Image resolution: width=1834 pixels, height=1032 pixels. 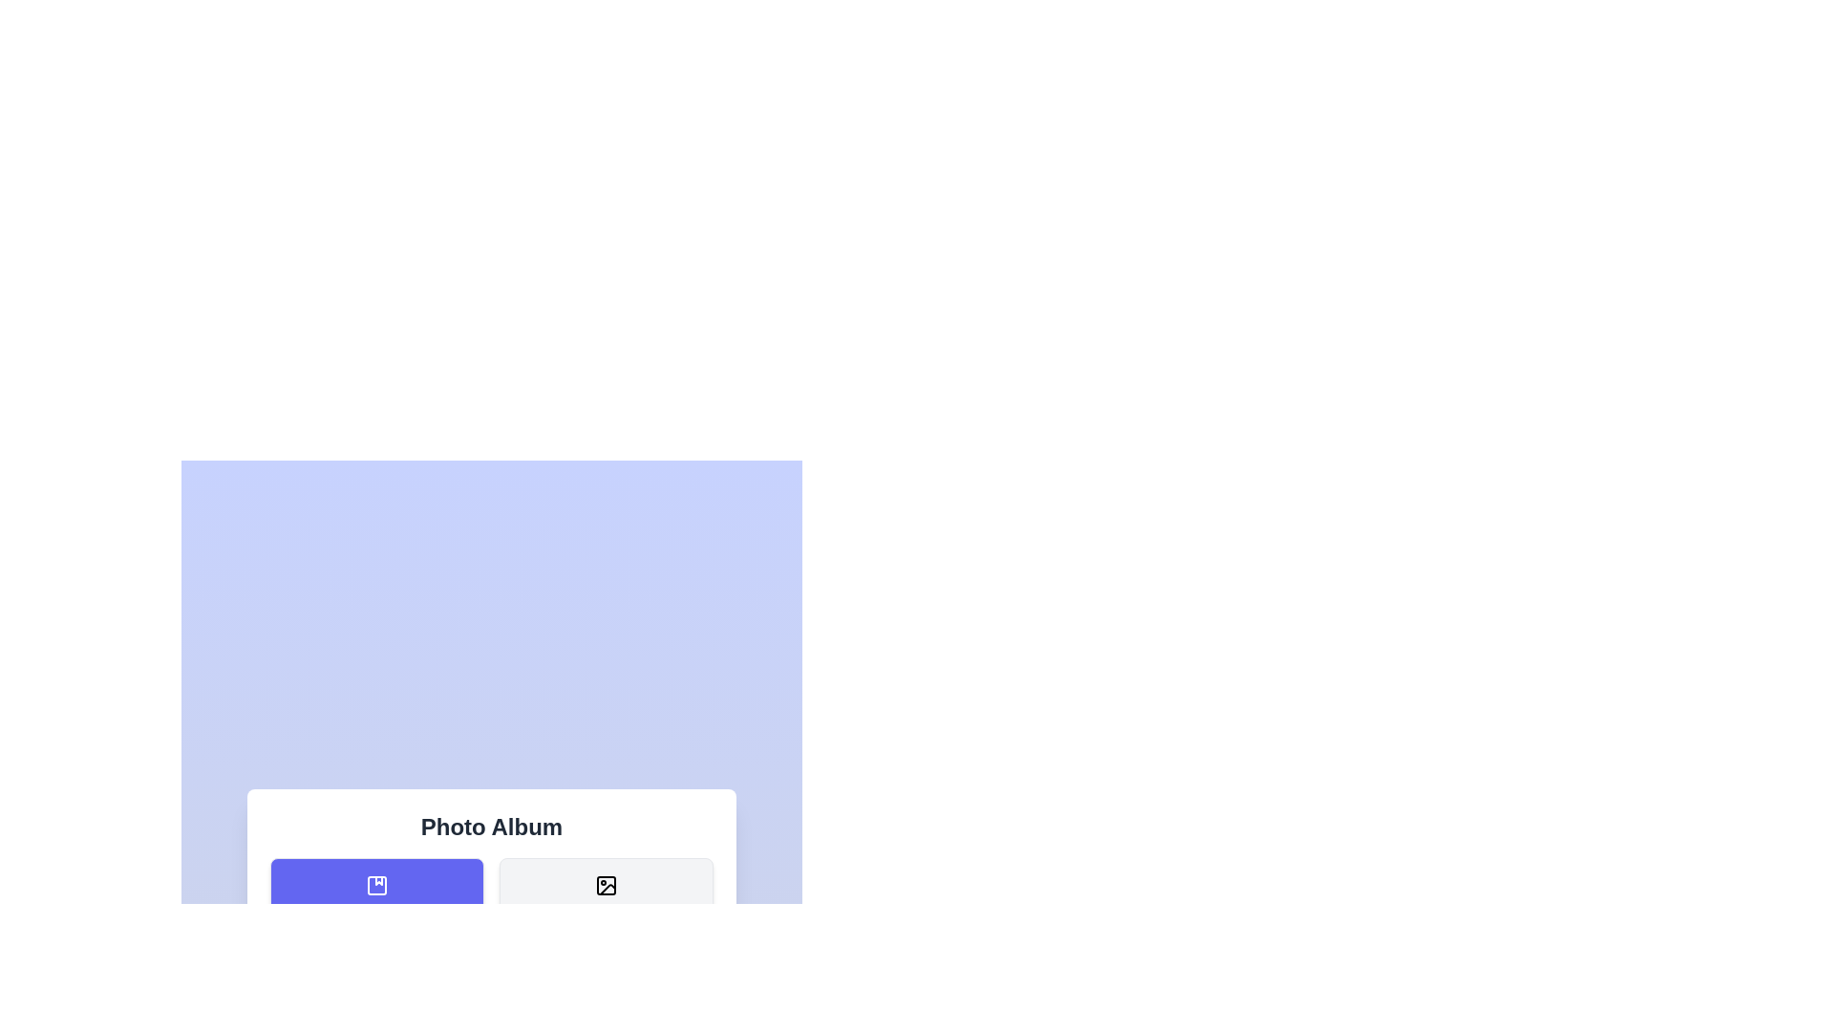 What do you see at coordinates (605, 899) in the screenshot?
I see `the Photos button to navigate to the corresponding tab` at bounding box center [605, 899].